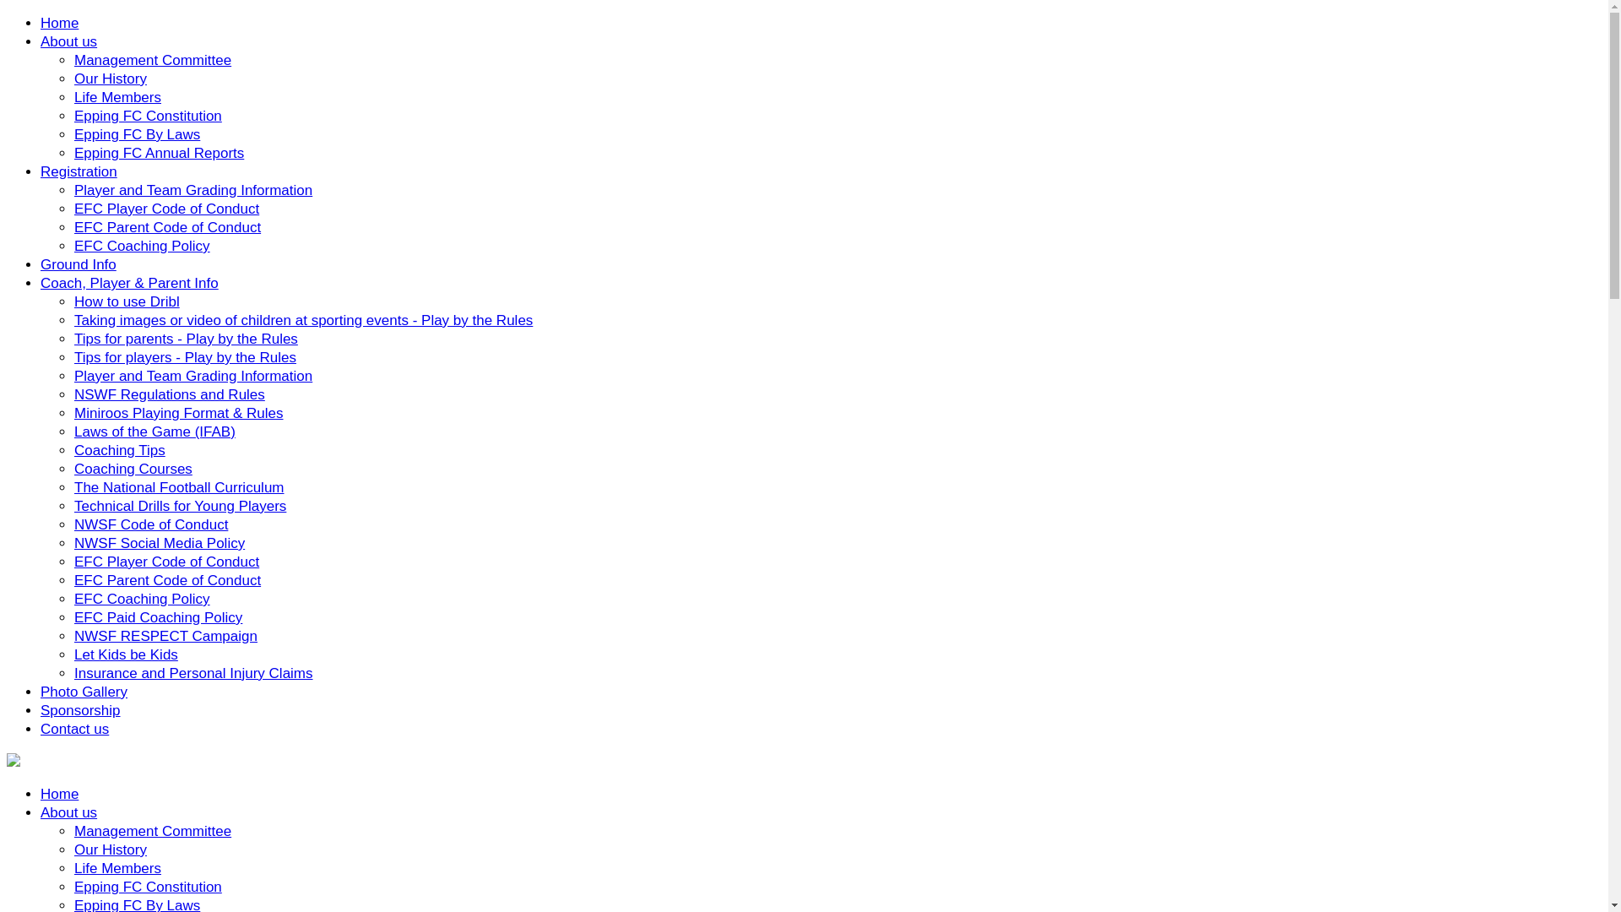 The width and height of the screenshot is (1621, 912). What do you see at coordinates (79, 710) in the screenshot?
I see `'Sponsorship'` at bounding box center [79, 710].